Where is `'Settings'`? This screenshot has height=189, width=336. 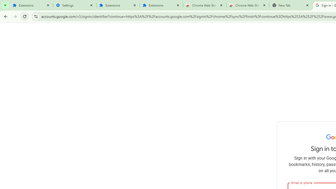 'Settings' is located at coordinates (74, 5).